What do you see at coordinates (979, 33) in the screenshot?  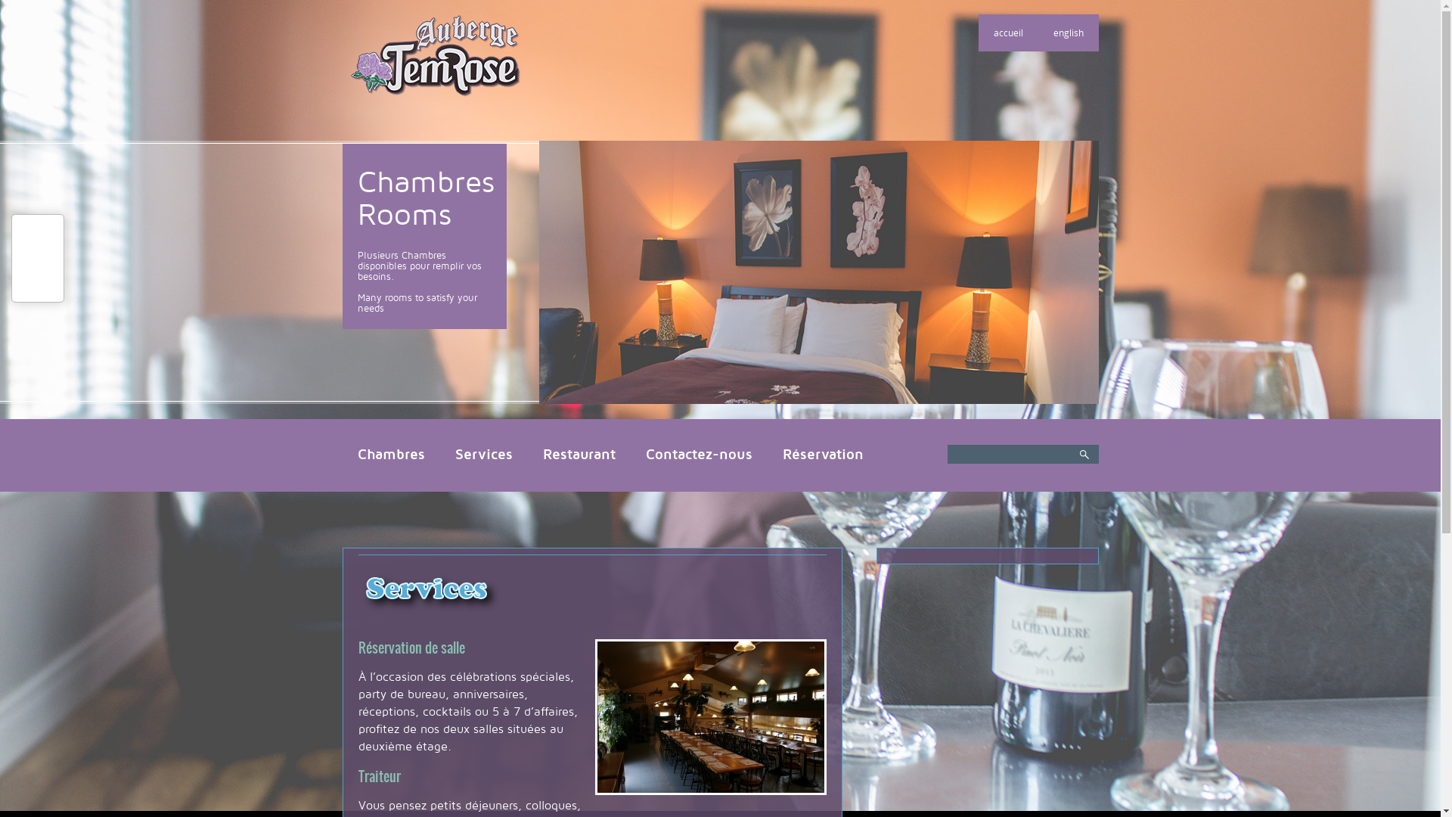 I see `'accueil'` at bounding box center [979, 33].